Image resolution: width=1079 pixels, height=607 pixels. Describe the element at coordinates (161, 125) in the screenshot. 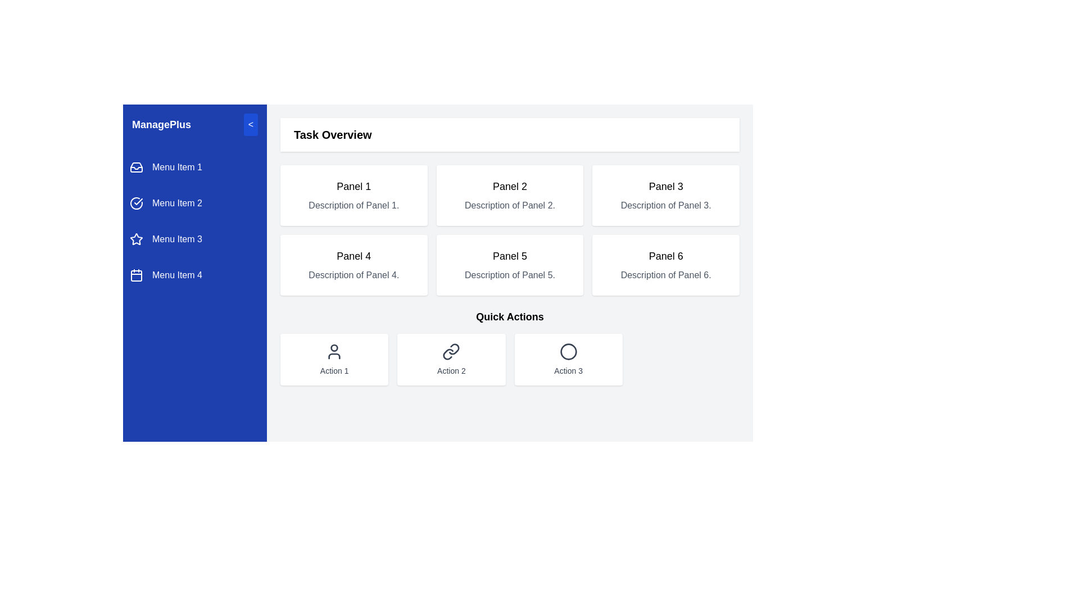

I see `the static text label located in the top-left section of the blue side navigation panel, which serves as a title or branding label and has no interactive functionalities` at that location.